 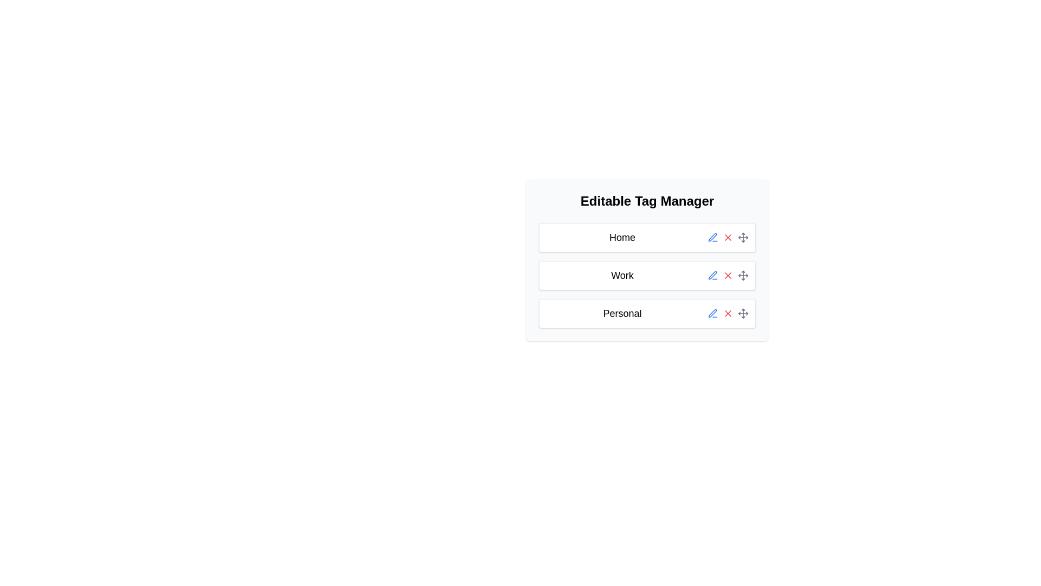 What do you see at coordinates (728, 275) in the screenshot?
I see `the delete or cancel button/icon for the 'Work' tag` at bounding box center [728, 275].